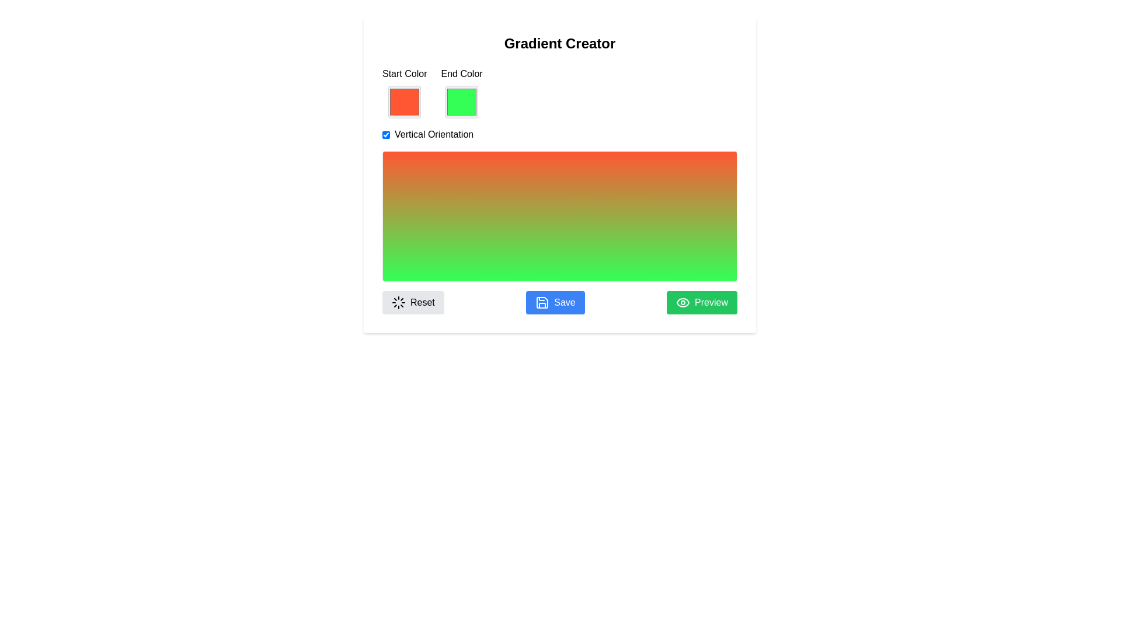 The image size is (1121, 630). I want to click on the Color Picker element located to the right of the 'Start Color' input box, which allows the user to select the end color for a gradient configuration, so click(461, 92).